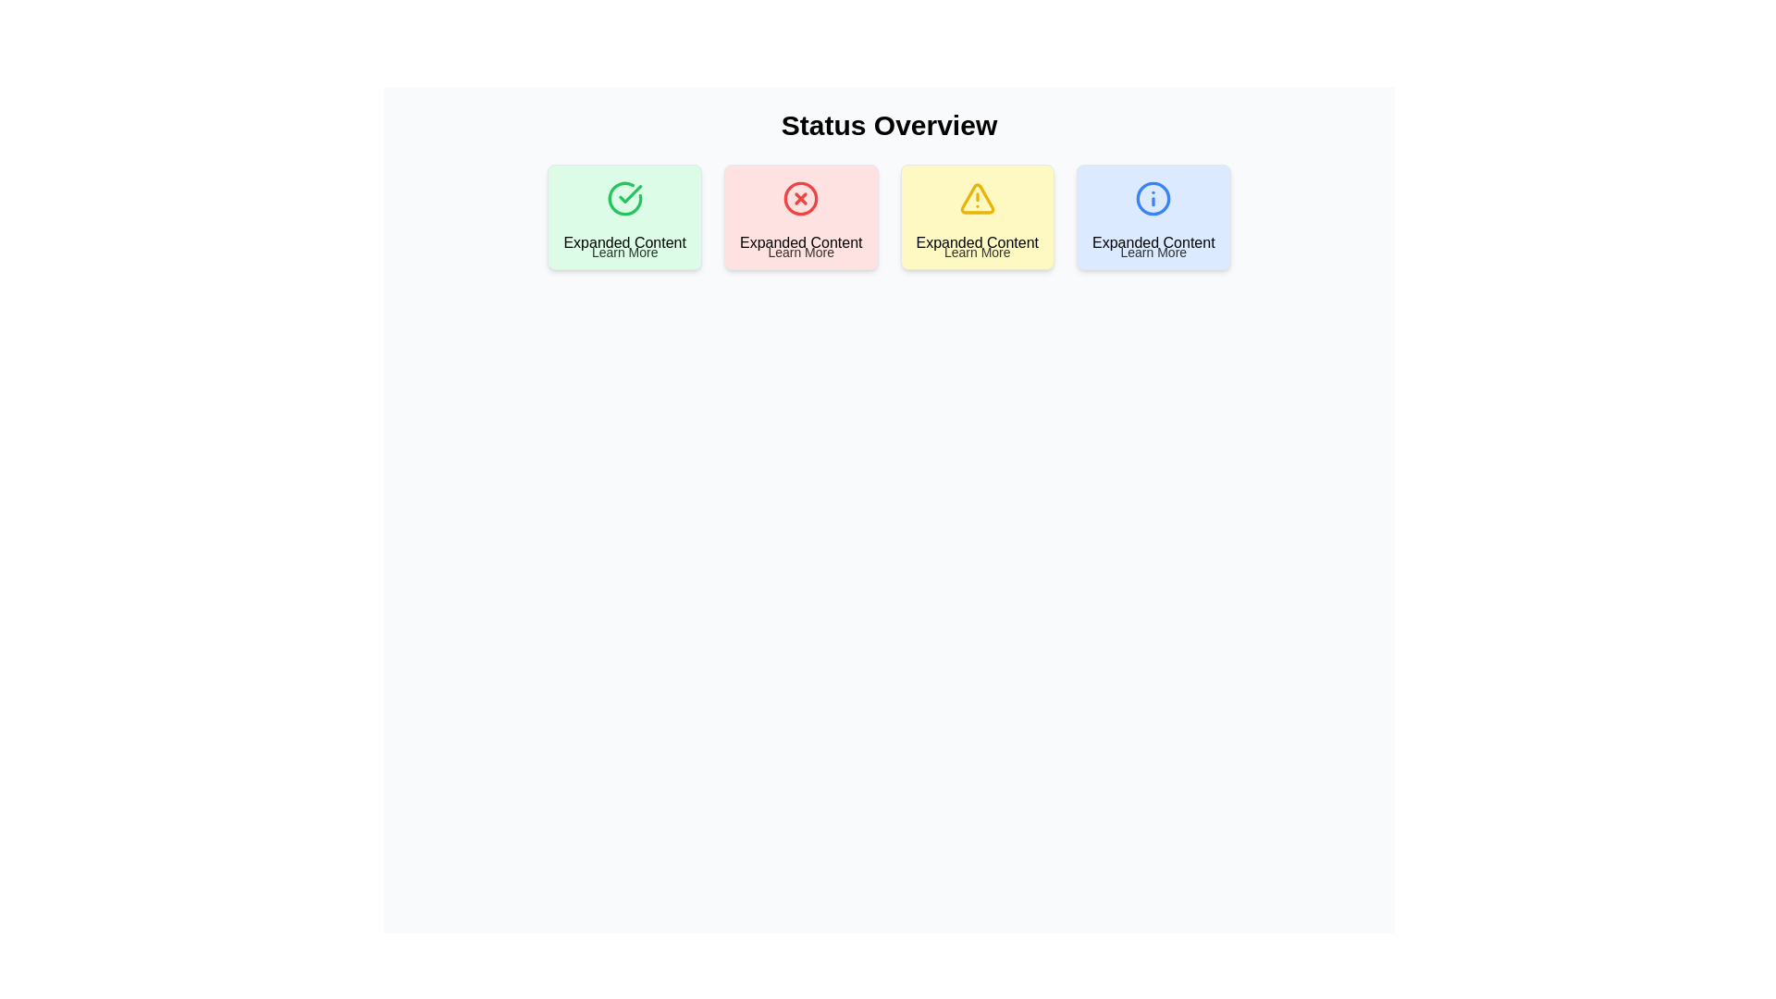 This screenshot has height=999, width=1776. What do you see at coordinates (624, 216) in the screenshot?
I see `the 'Learn More' link located on the Card component that represents a successful status, positioned in the top left corner of a four-column grid layout` at bounding box center [624, 216].